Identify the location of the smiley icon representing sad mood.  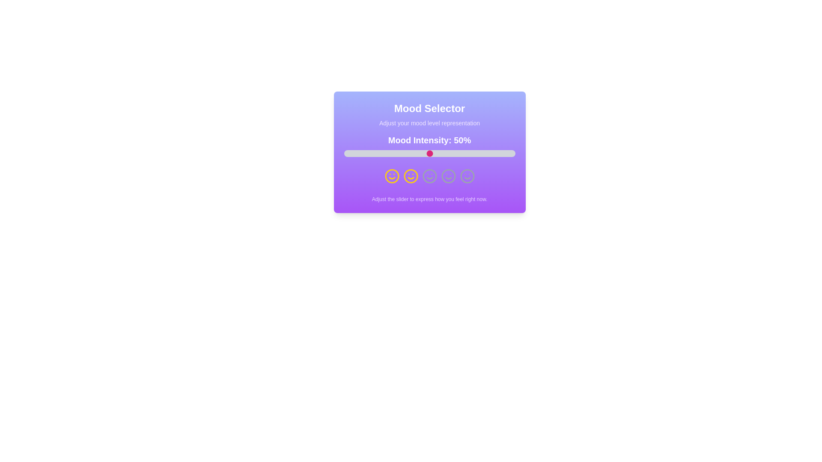
(410, 176).